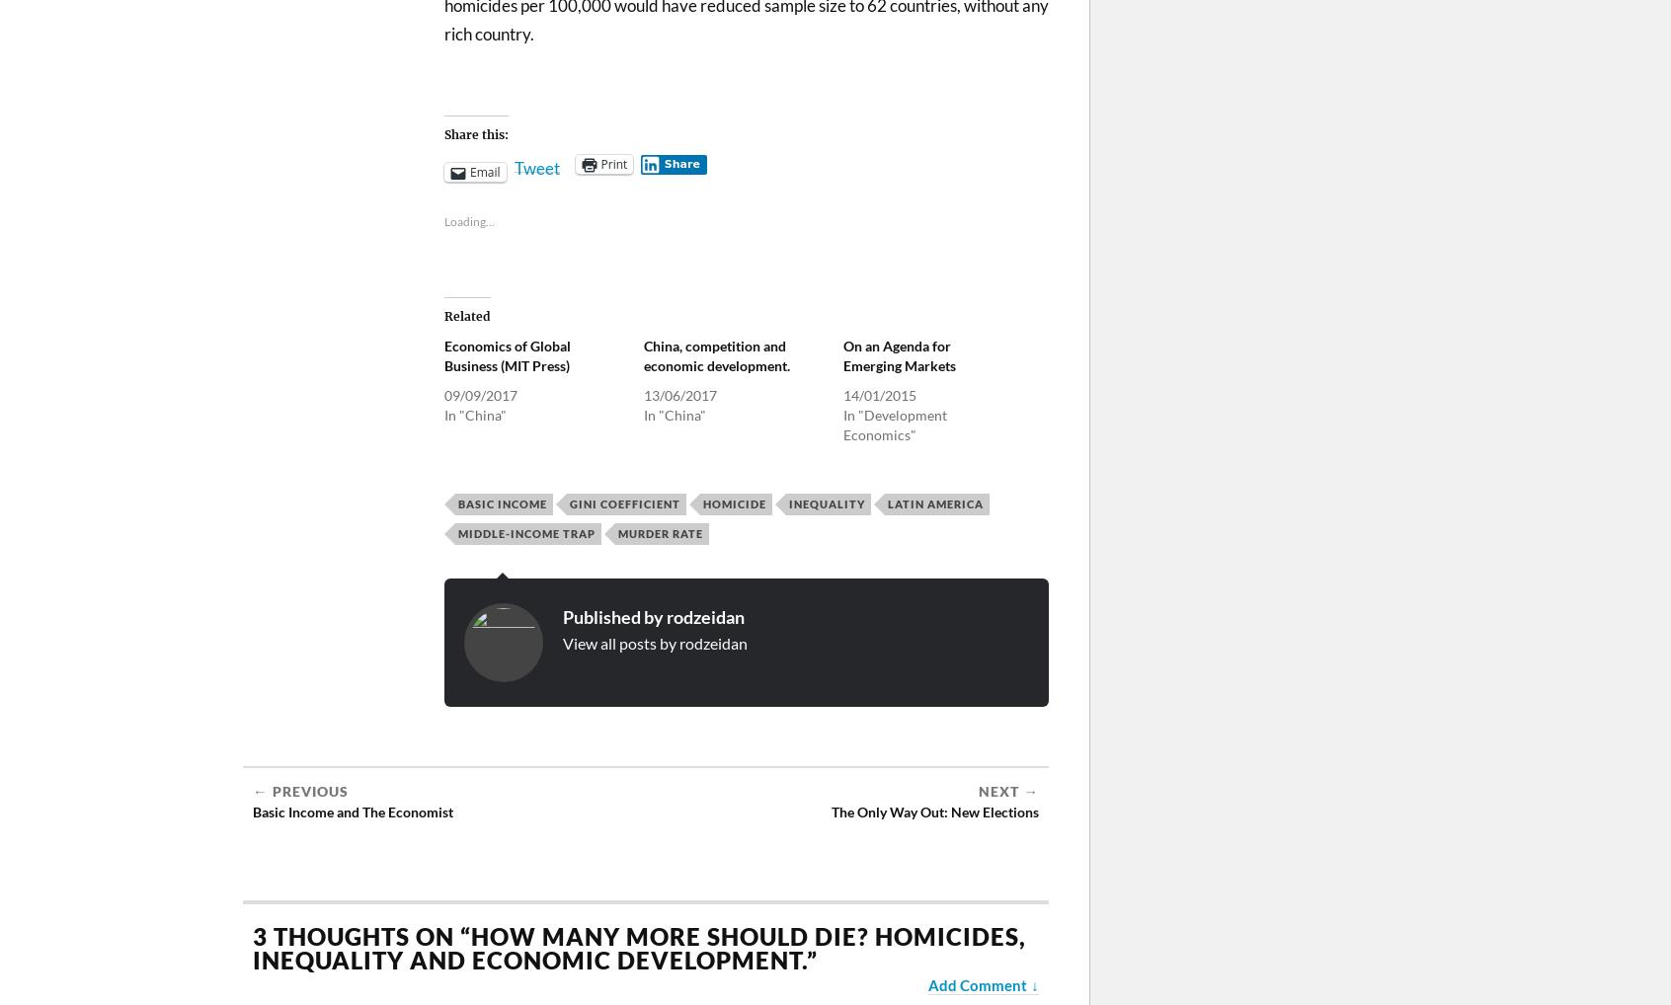 This screenshot has height=1005, width=1671. Describe the element at coordinates (976, 985) in the screenshot. I see `'Add Comment'` at that location.